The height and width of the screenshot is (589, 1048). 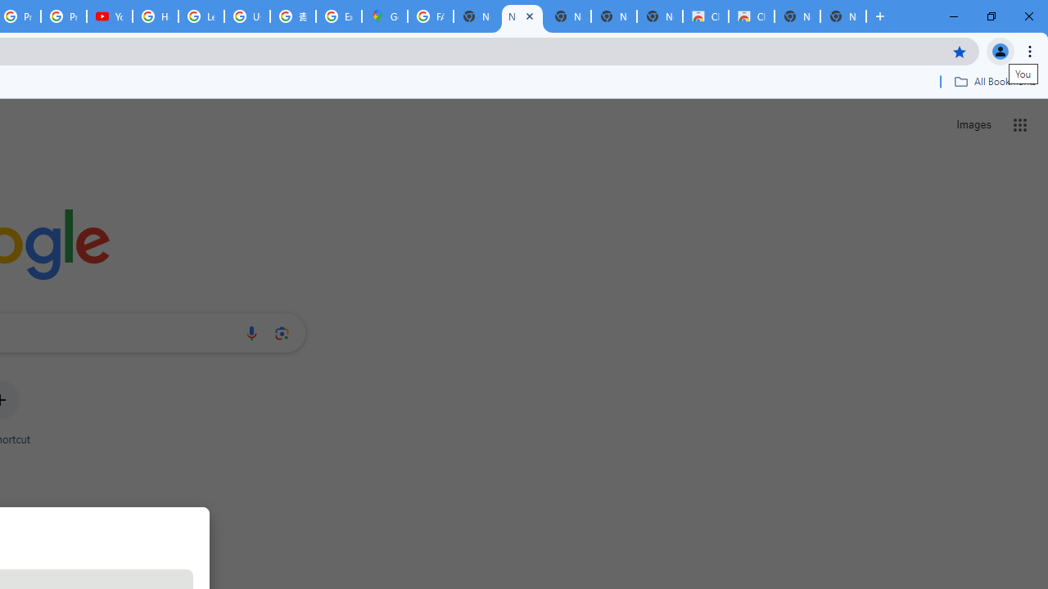 I want to click on 'How Chrome protects your passwords - Google Chrome Help', so click(x=156, y=16).